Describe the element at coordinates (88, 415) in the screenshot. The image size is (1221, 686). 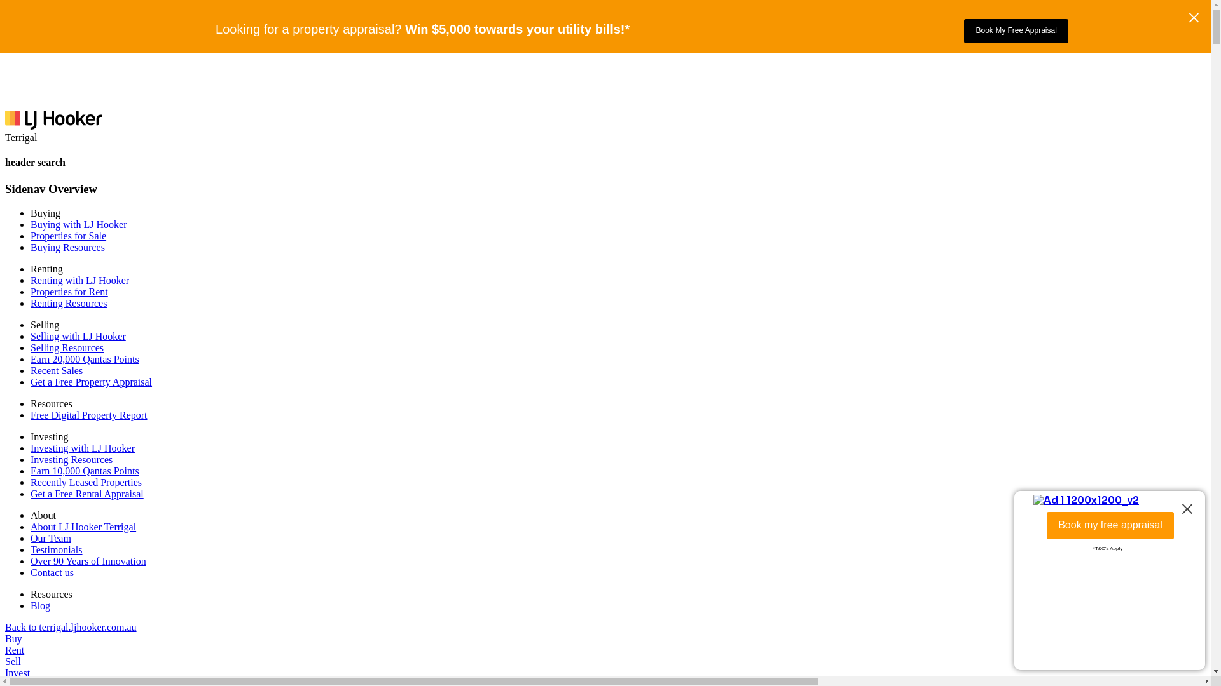
I see `'Free Digital Property Report'` at that location.